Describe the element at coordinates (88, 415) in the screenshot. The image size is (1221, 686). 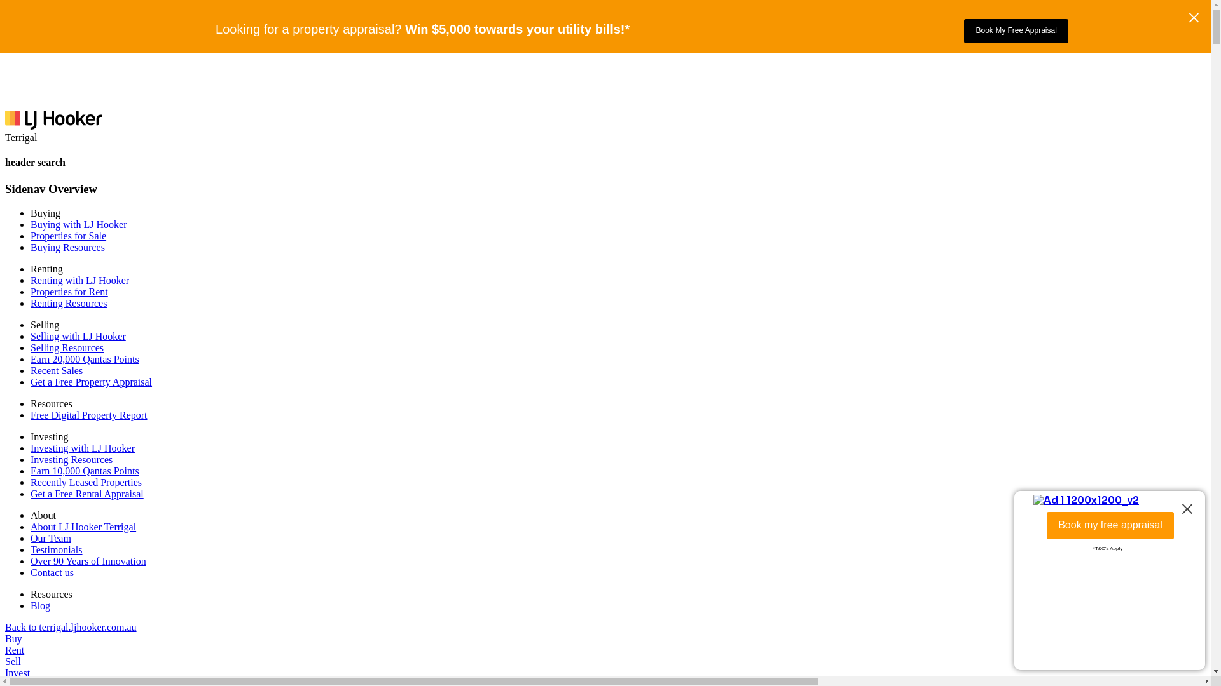
I see `'Free Digital Property Report'` at that location.